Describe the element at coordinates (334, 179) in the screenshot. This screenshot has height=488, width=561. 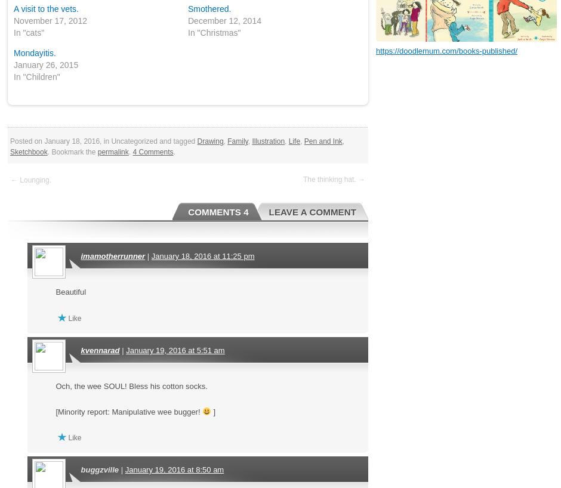
I see `'The thinking hat. →'` at that location.